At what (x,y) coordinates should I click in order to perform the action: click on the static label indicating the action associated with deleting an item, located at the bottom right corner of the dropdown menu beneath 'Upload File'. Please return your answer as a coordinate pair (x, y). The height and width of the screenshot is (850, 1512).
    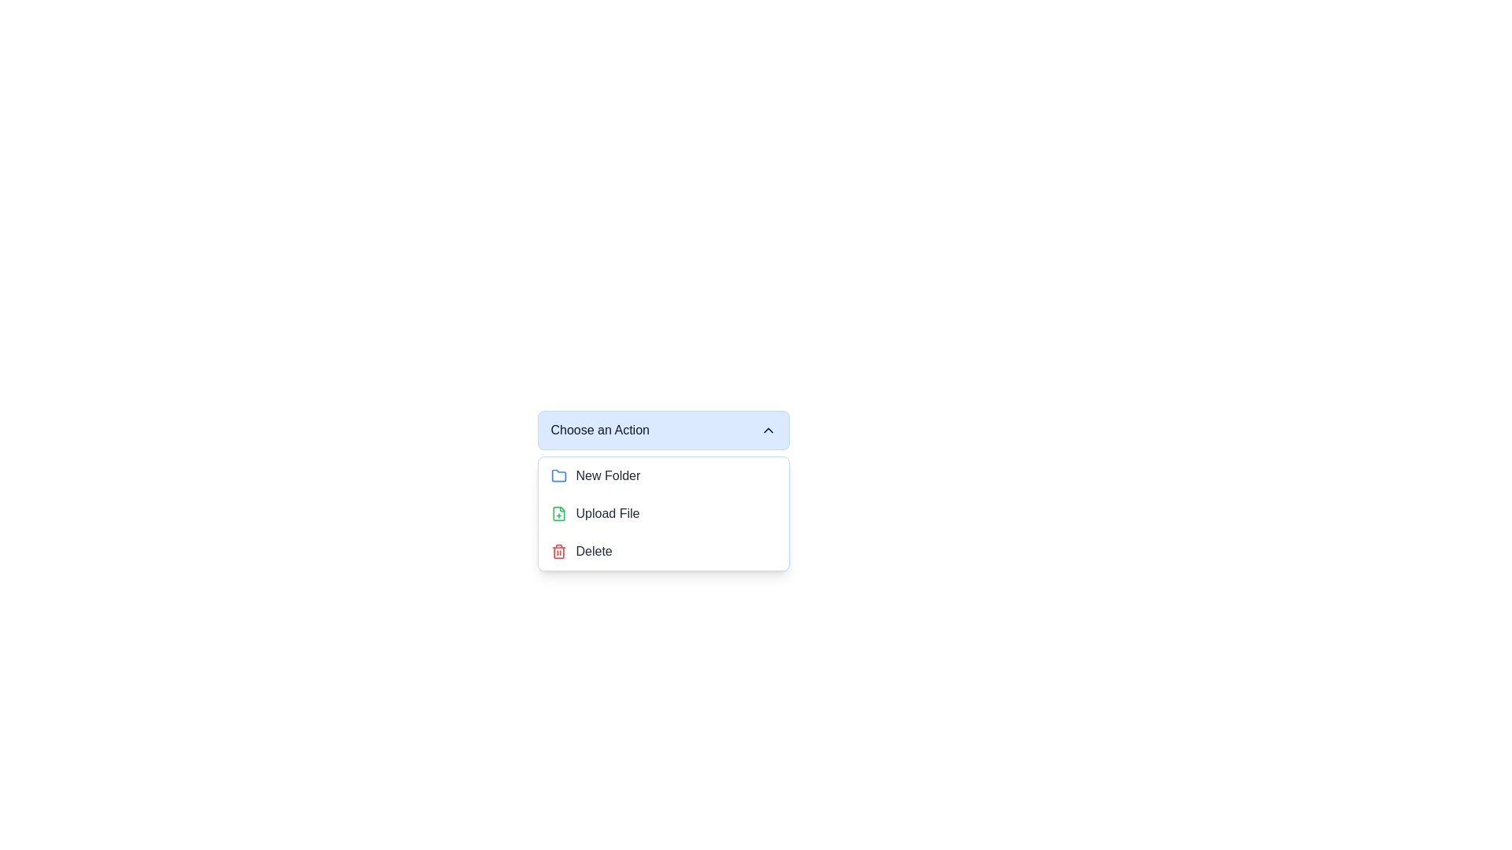
    Looking at the image, I should click on (593, 551).